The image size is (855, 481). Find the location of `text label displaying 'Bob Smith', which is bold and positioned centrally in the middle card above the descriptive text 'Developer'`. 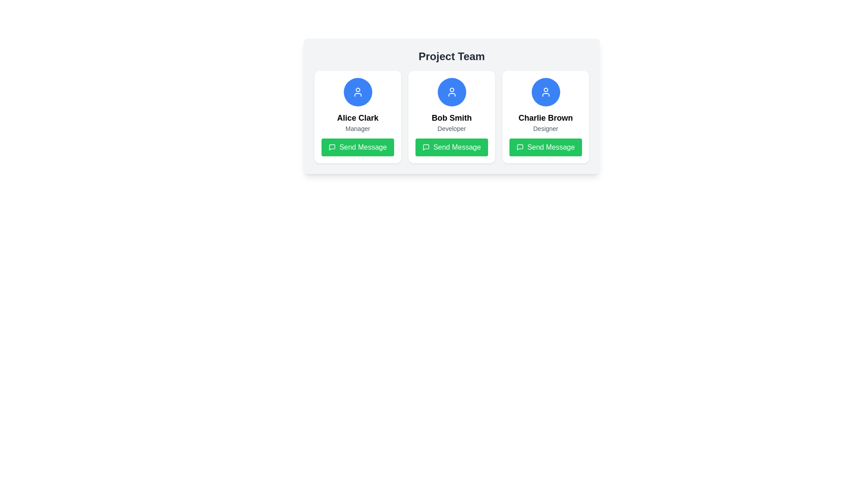

text label displaying 'Bob Smith', which is bold and positioned centrally in the middle card above the descriptive text 'Developer' is located at coordinates (452, 118).